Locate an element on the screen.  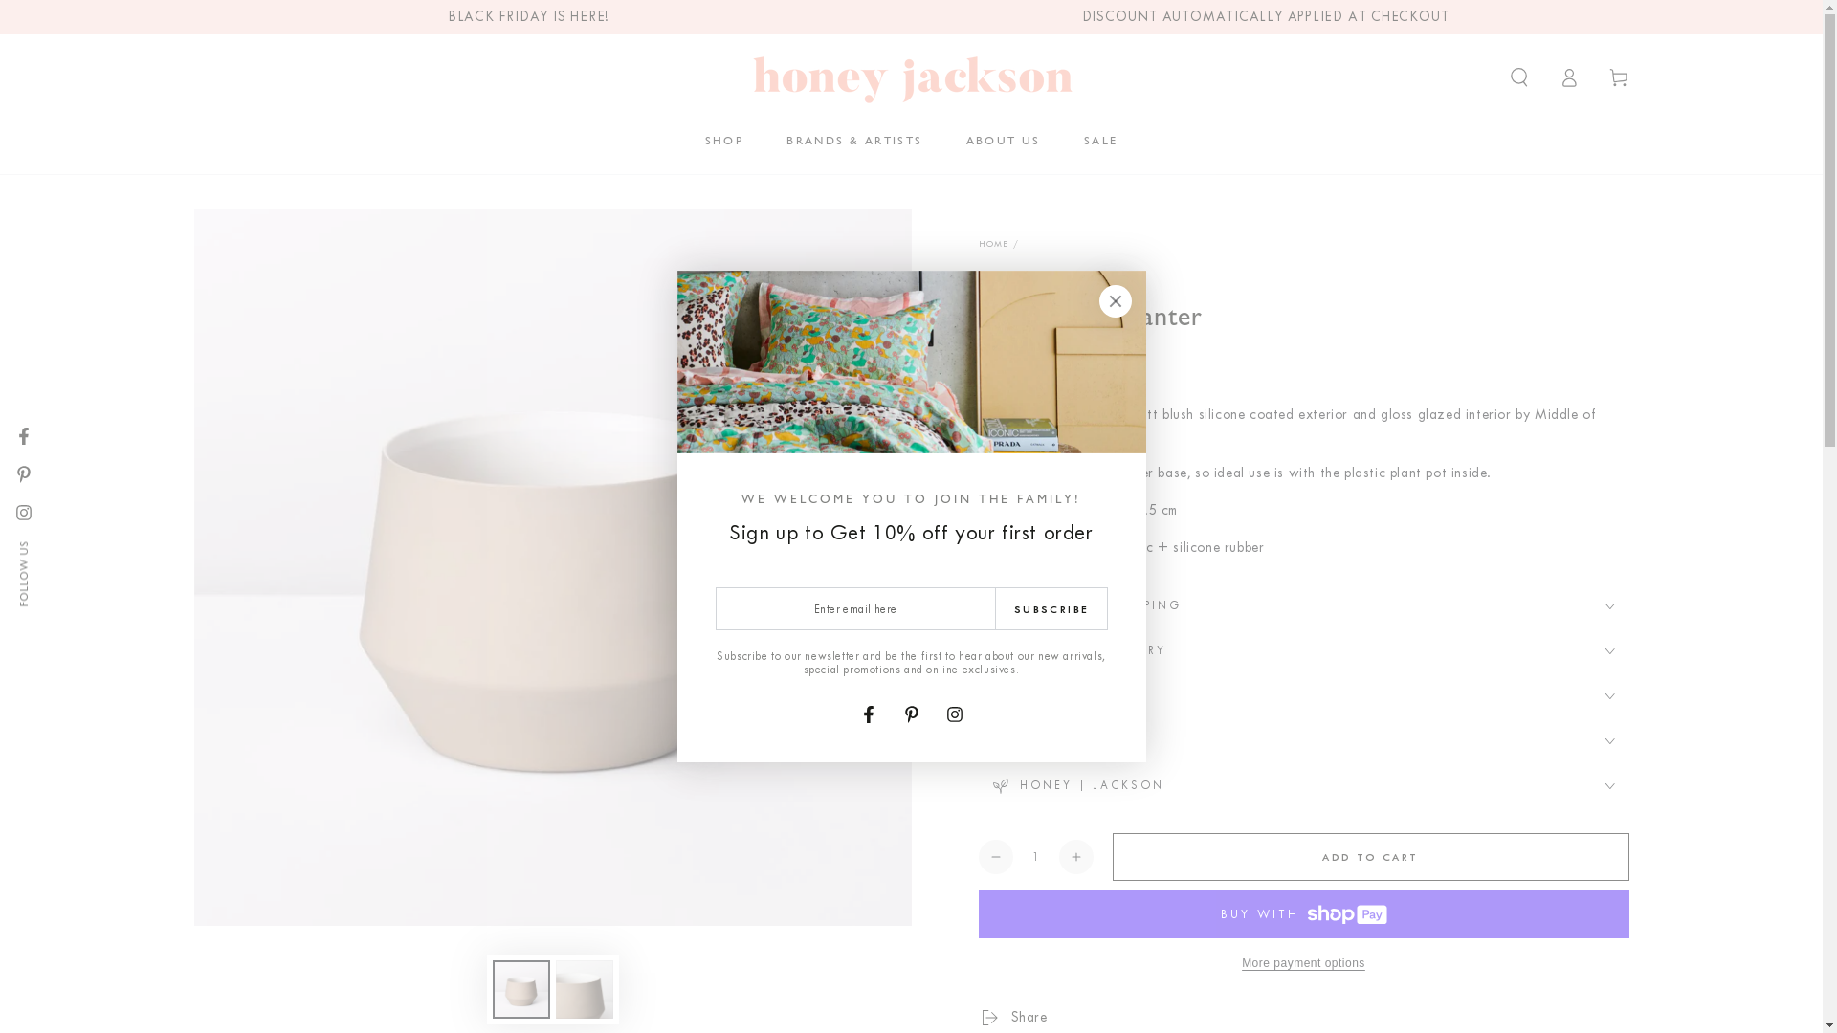
'Pinterest' is located at coordinates (23, 473).